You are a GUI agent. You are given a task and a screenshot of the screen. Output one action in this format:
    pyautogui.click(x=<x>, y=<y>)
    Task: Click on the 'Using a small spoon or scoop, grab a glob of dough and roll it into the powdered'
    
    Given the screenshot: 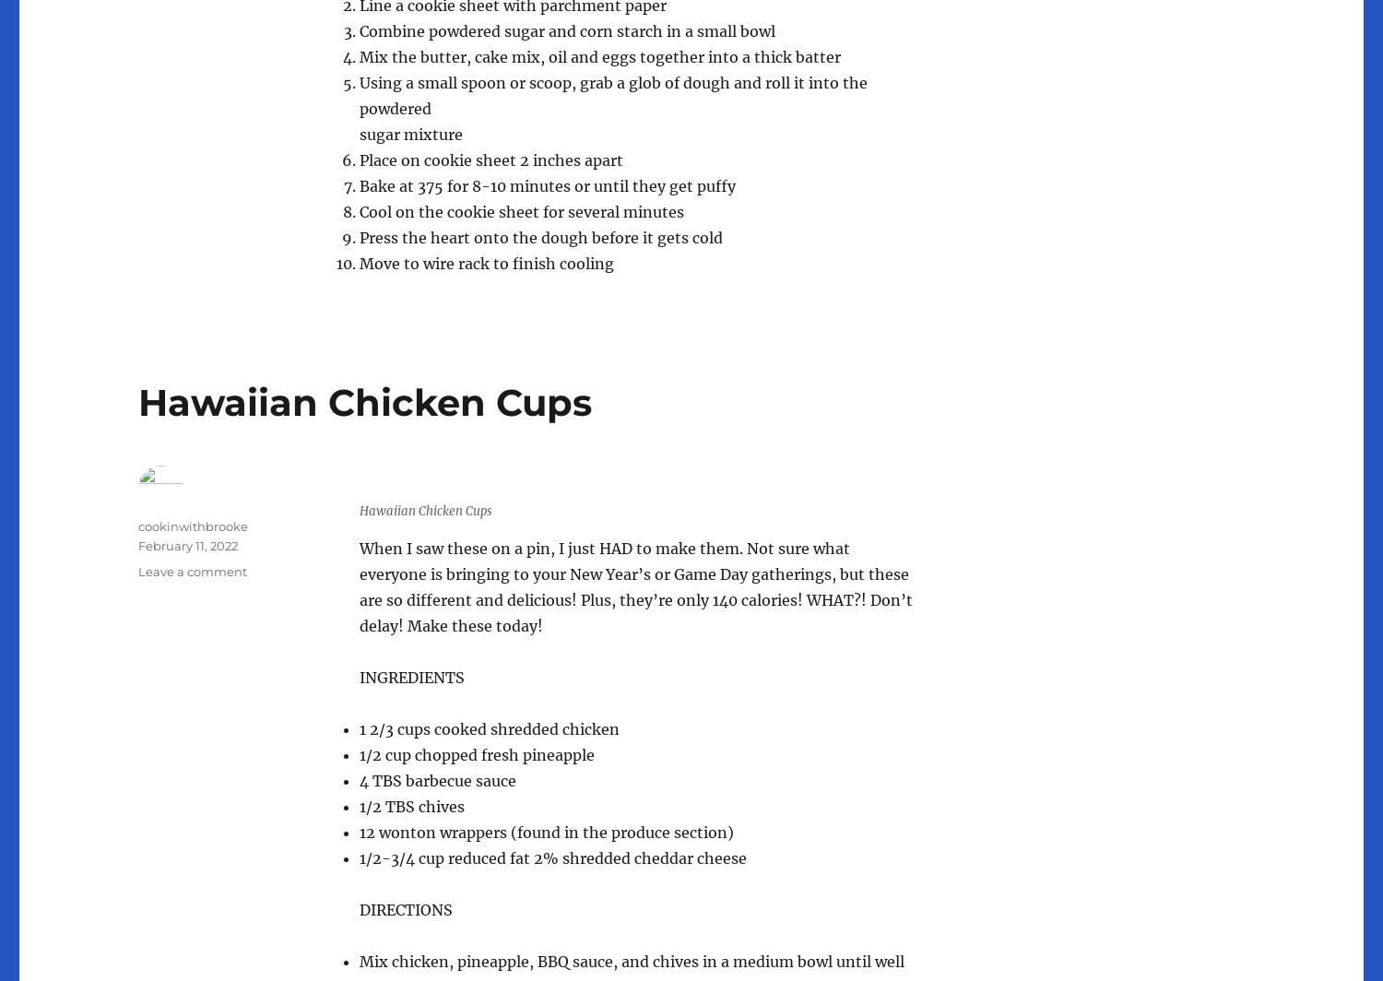 What is the action you would take?
    pyautogui.click(x=613, y=94)
    